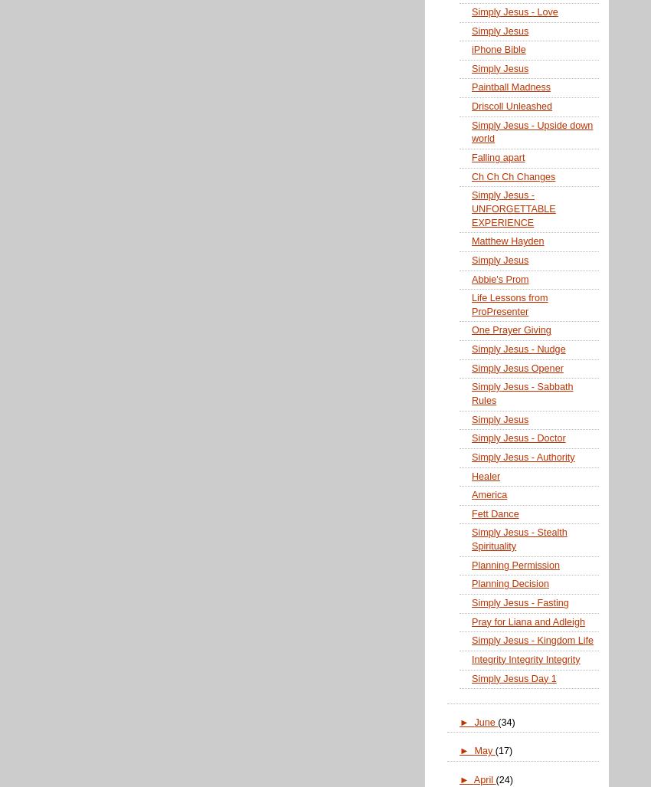 Image resolution: width=651 pixels, height=787 pixels. I want to click on '(24)', so click(503, 779).